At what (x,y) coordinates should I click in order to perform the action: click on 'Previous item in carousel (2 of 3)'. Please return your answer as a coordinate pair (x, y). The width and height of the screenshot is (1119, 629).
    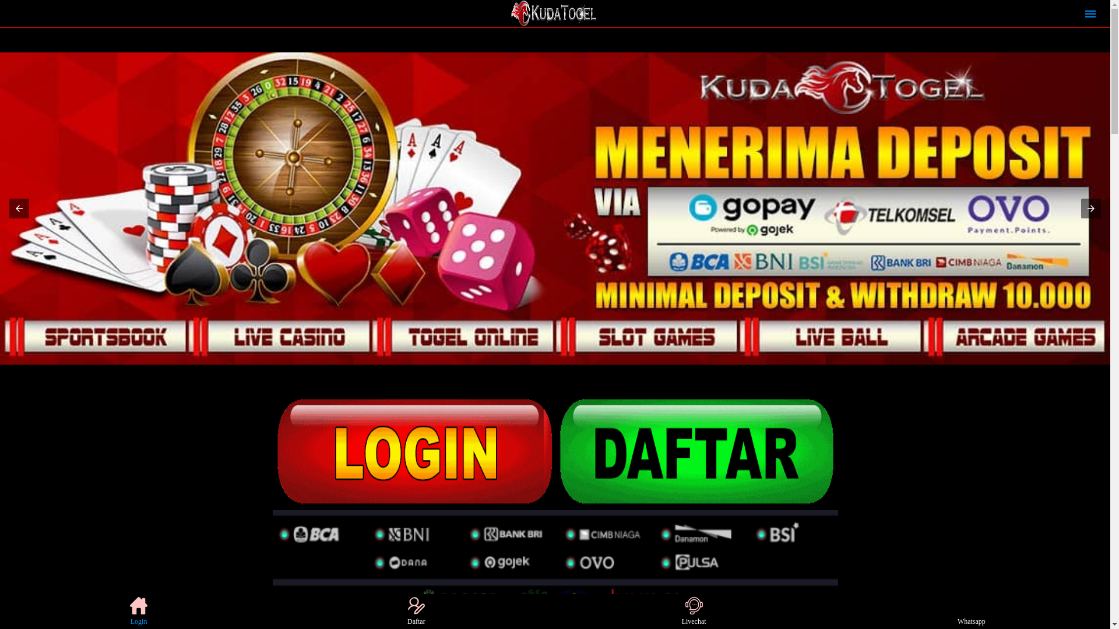
    Looking at the image, I should click on (19, 208).